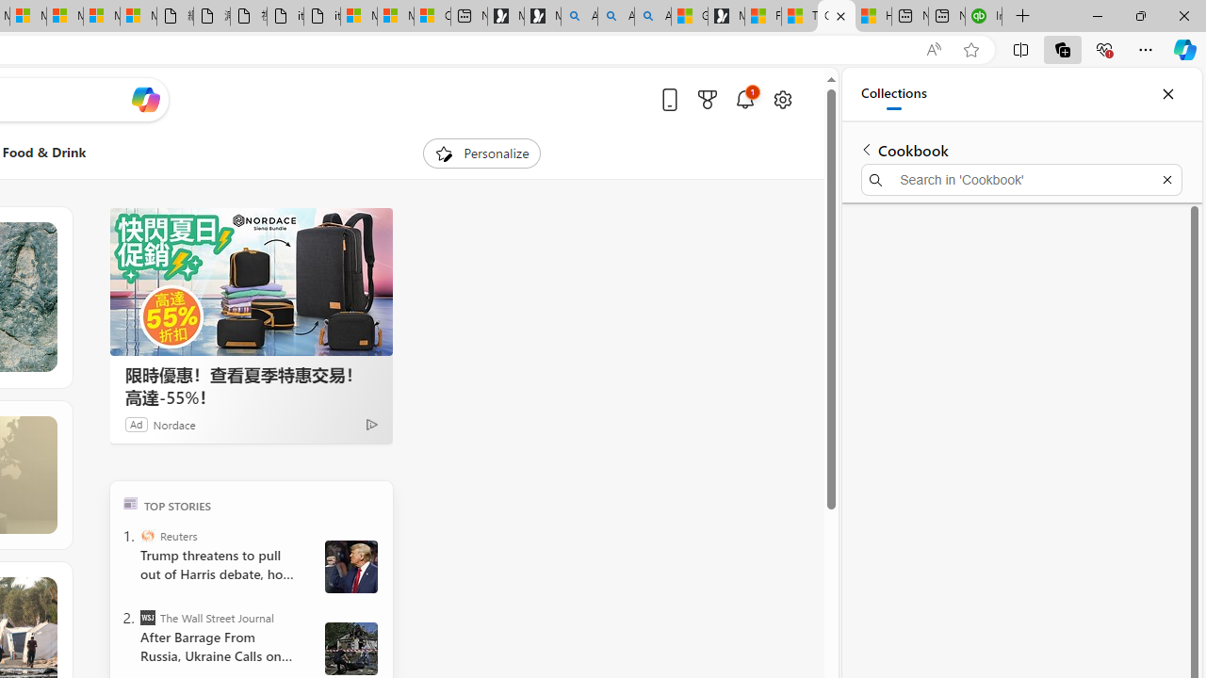 The height and width of the screenshot is (678, 1206). Describe the element at coordinates (872, 16) in the screenshot. I see `'How to Use a TV as a Computer Monitor'` at that location.